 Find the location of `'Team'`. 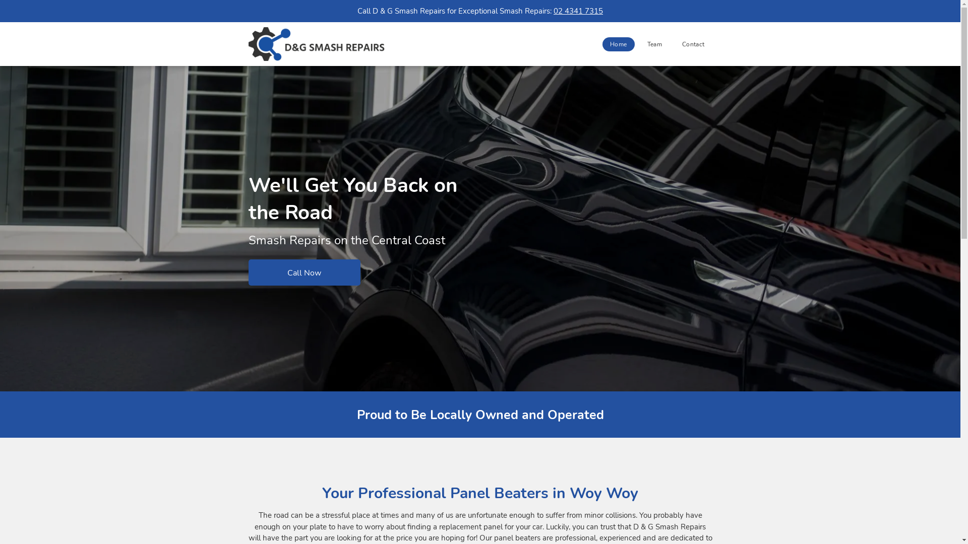

'Team' is located at coordinates (654, 44).